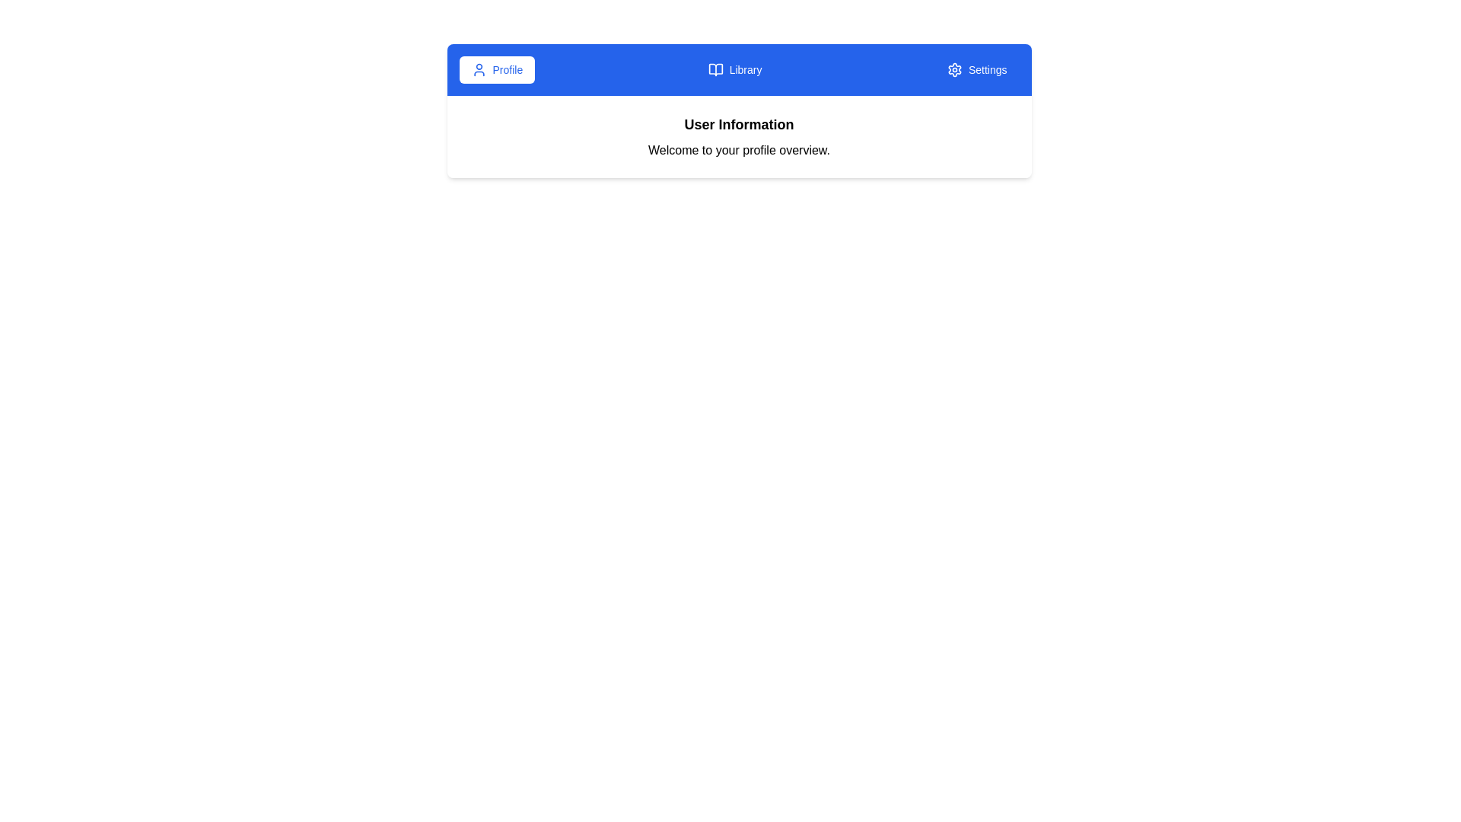 The height and width of the screenshot is (822, 1461). I want to click on the 'Settings' button, which is a blue button with white text and a gear icon, located at the far right side of the navigation bar, so click(977, 70).